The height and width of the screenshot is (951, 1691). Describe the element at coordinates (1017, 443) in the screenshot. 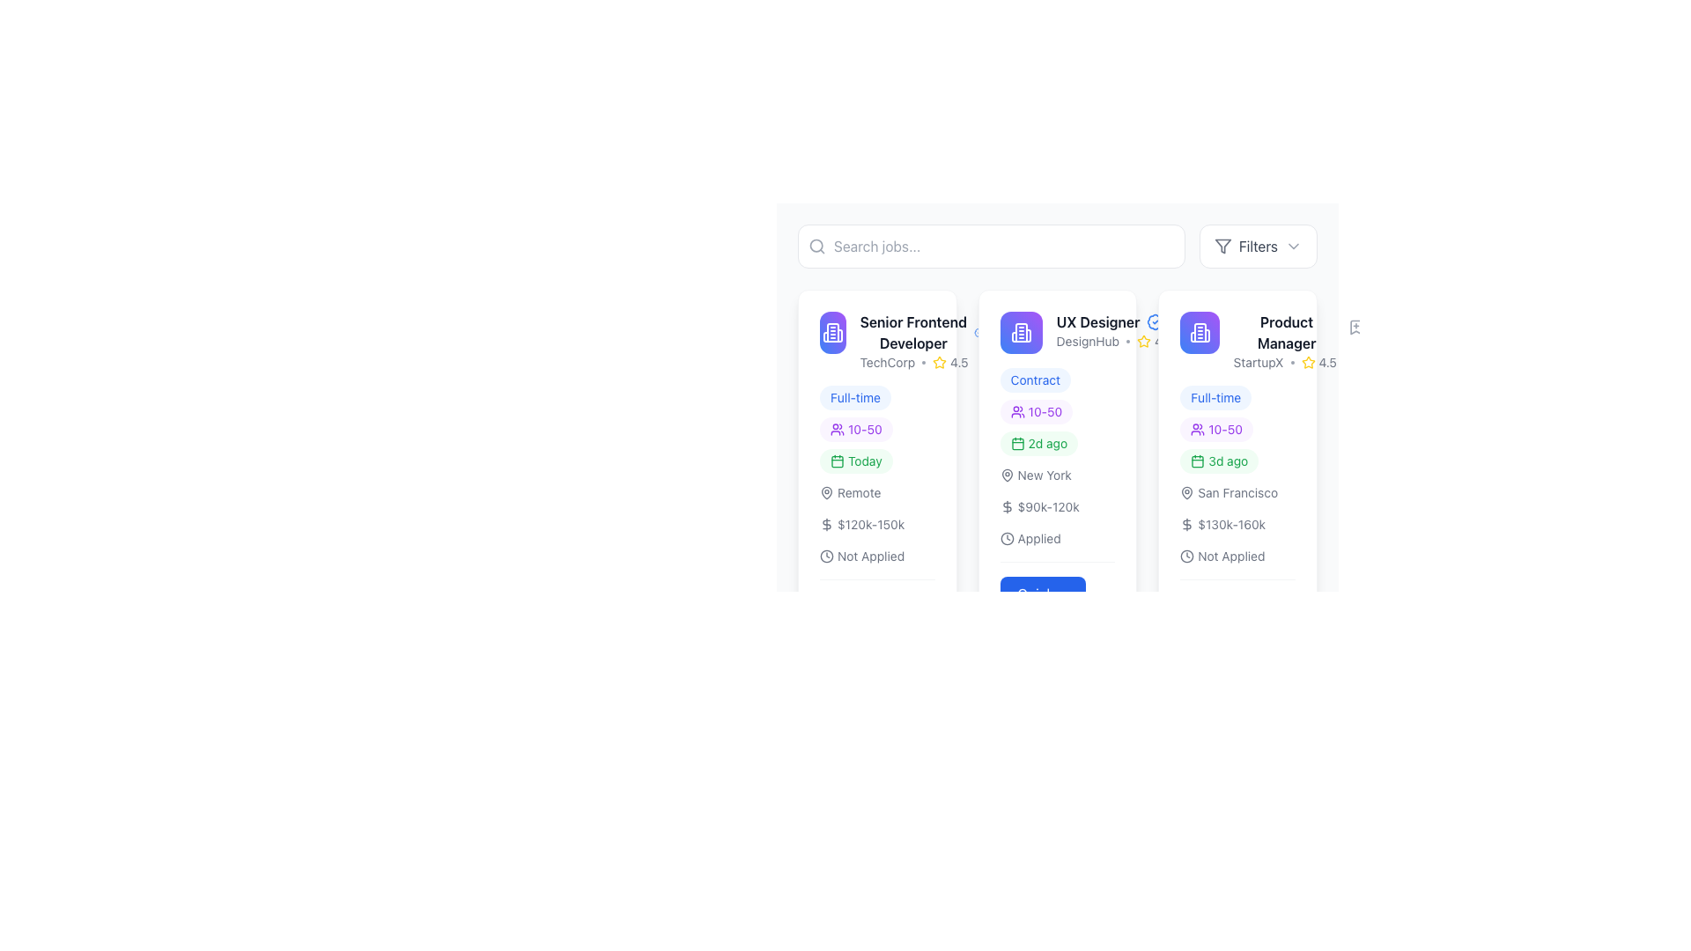

I see `the green calendar icon with a rounded square border, located in the central job card next to the text '2d ago'` at that location.